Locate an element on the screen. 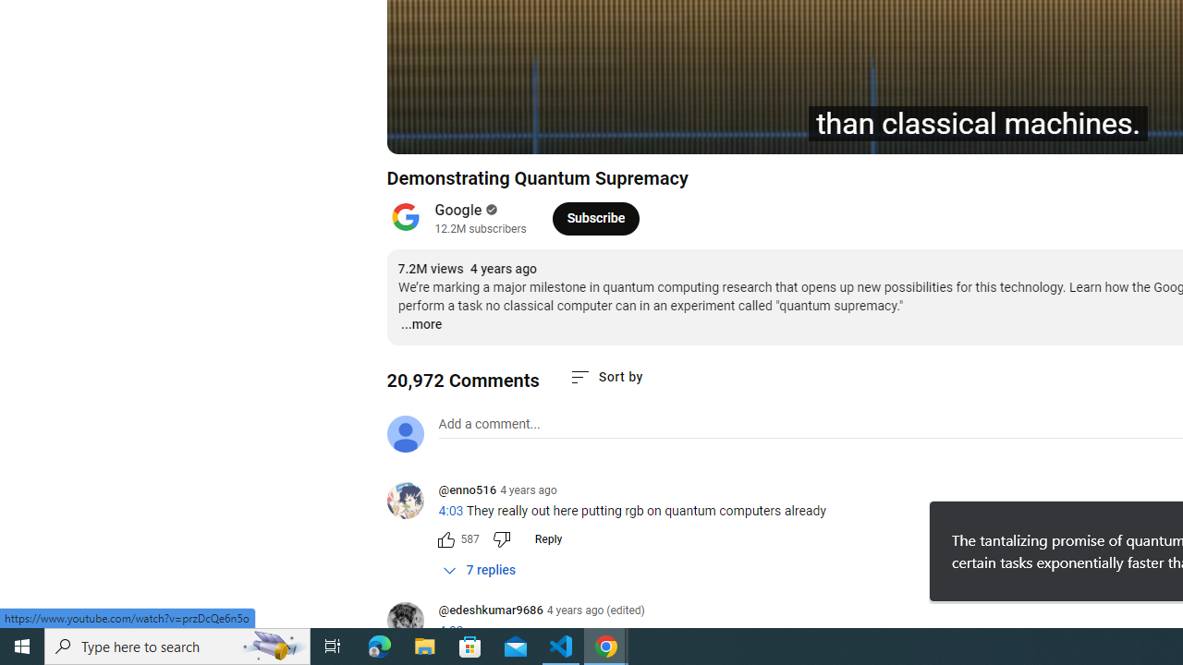  '7 replies' is located at coordinates (480, 569).